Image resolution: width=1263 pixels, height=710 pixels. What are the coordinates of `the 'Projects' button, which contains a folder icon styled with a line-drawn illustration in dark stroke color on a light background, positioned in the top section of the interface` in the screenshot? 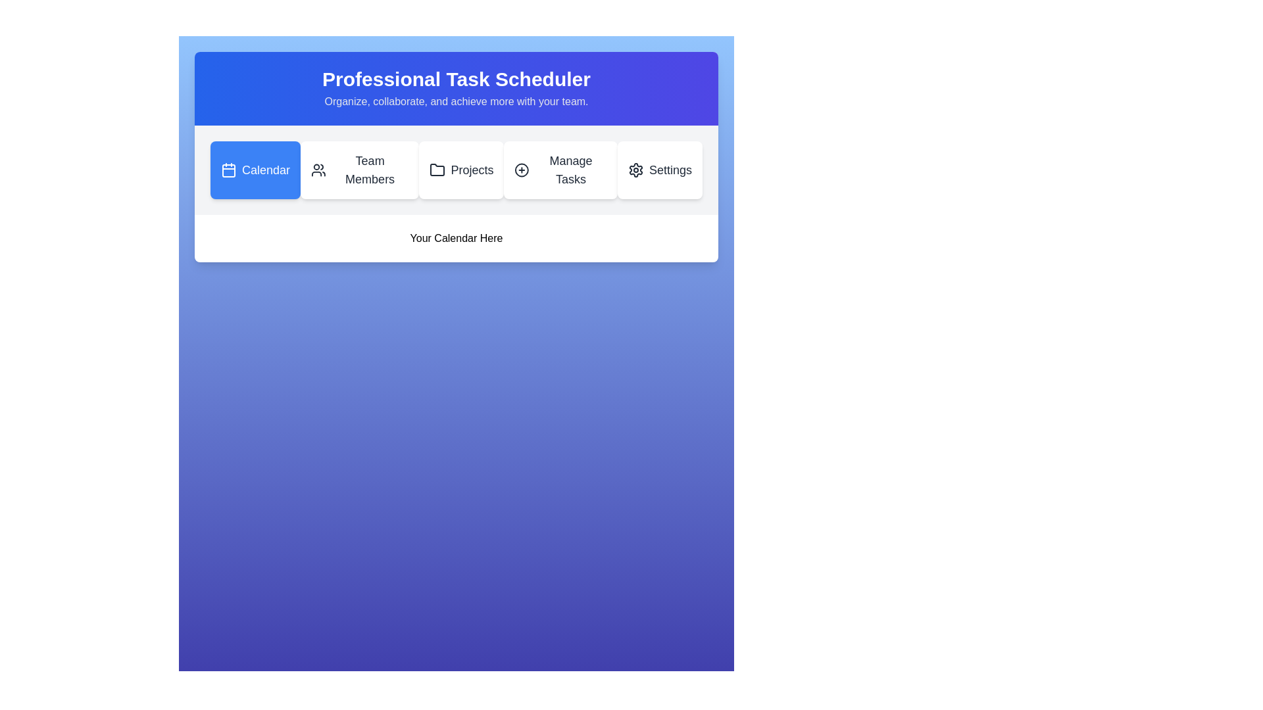 It's located at (437, 169).